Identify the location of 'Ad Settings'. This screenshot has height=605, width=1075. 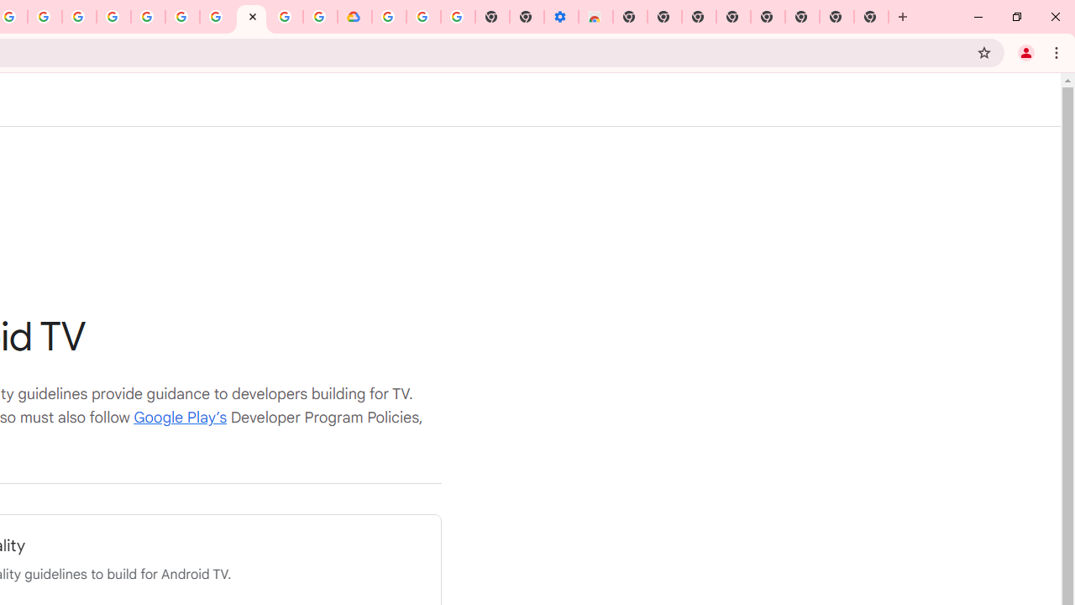
(113, 17).